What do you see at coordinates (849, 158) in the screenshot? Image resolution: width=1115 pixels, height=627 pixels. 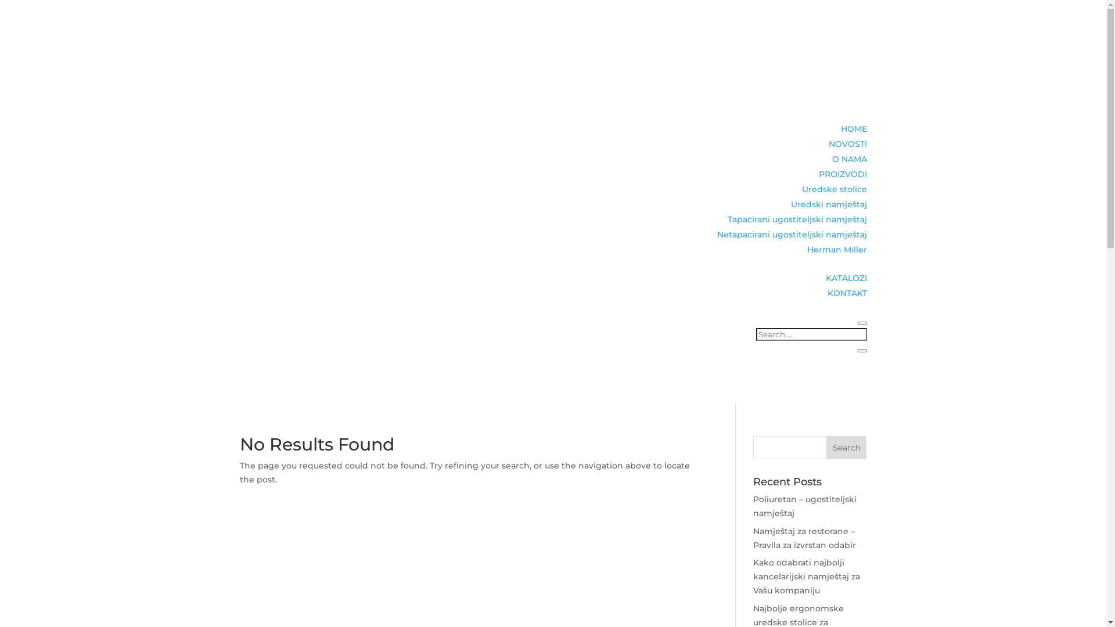 I see `'O NAMA'` at bounding box center [849, 158].